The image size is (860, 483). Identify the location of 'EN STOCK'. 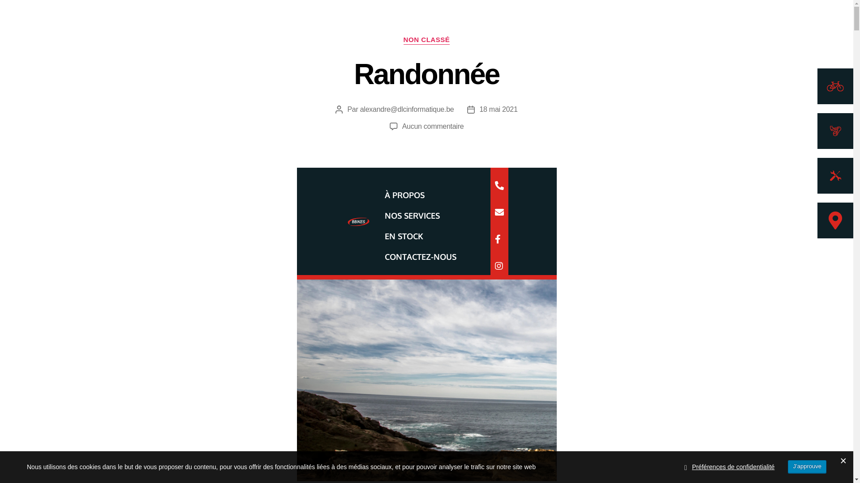
(403, 236).